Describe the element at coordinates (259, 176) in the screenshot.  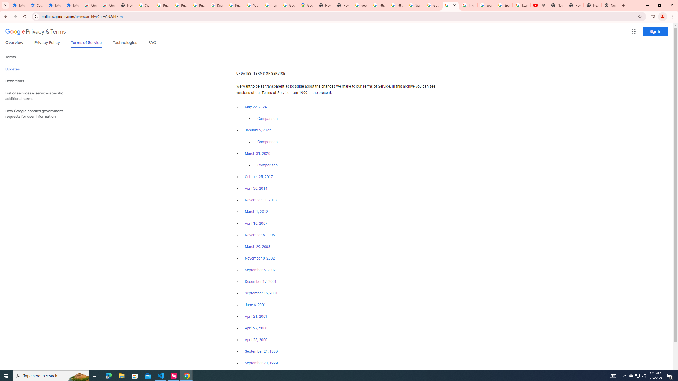
I see `'October 25, 2017'` at that location.